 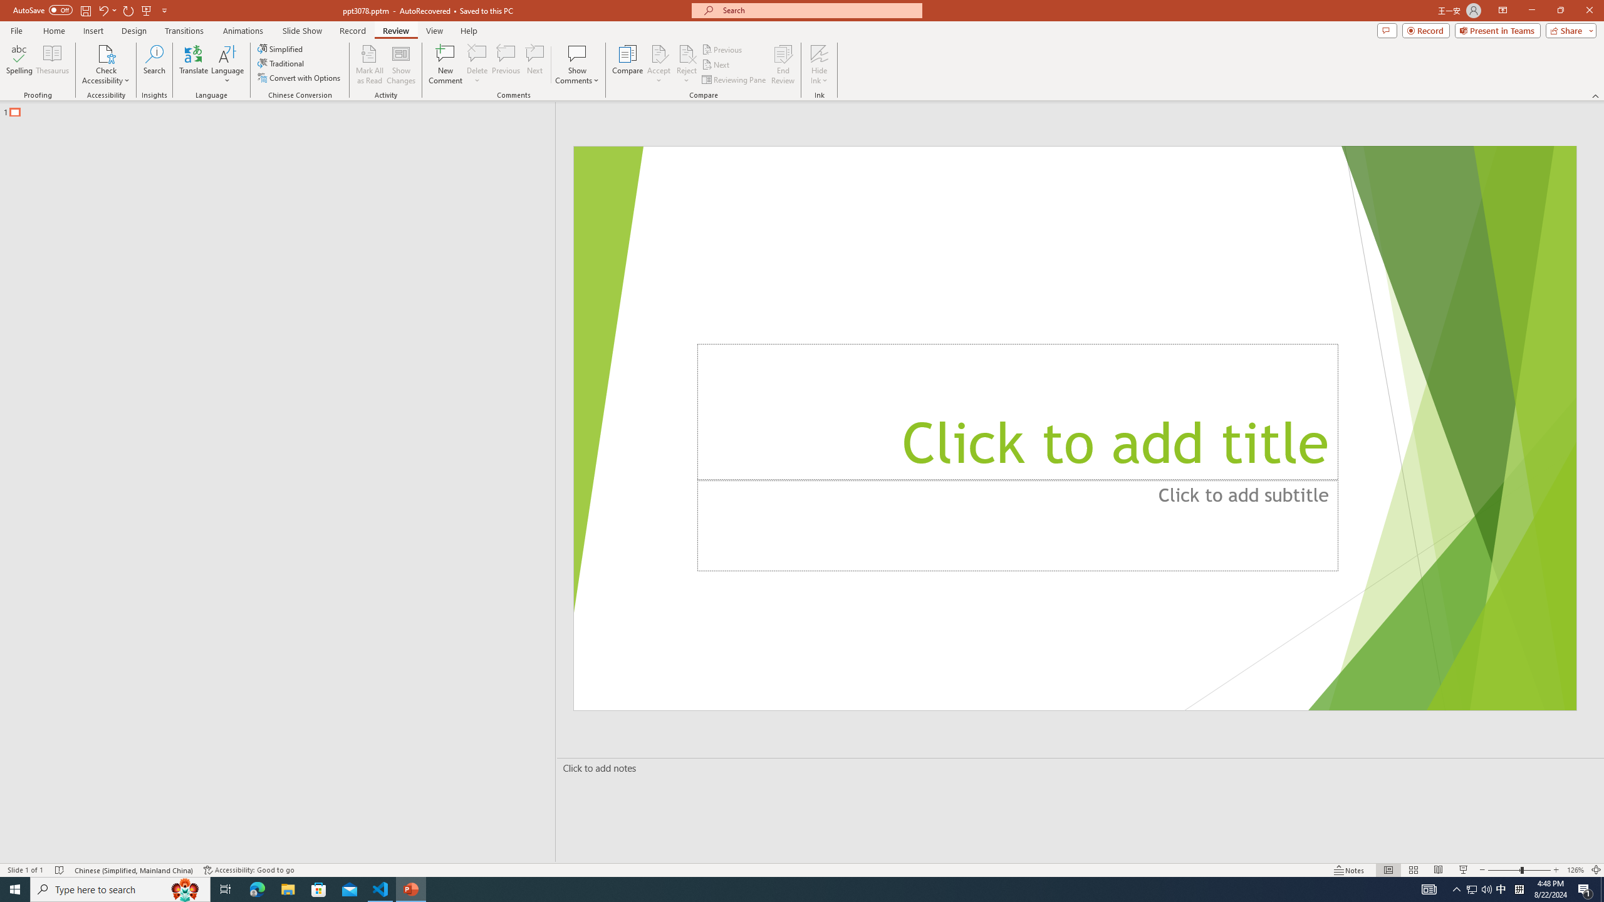 What do you see at coordinates (685, 65) in the screenshot?
I see `'Reject'` at bounding box center [685, 65].